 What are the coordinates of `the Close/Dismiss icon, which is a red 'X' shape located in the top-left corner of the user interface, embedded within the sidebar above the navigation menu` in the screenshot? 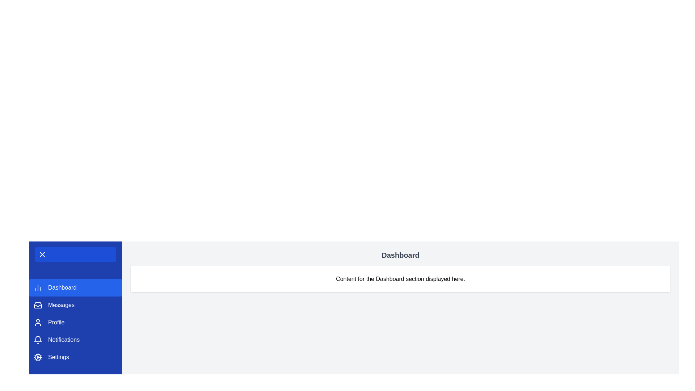 It's located at (42, 254).